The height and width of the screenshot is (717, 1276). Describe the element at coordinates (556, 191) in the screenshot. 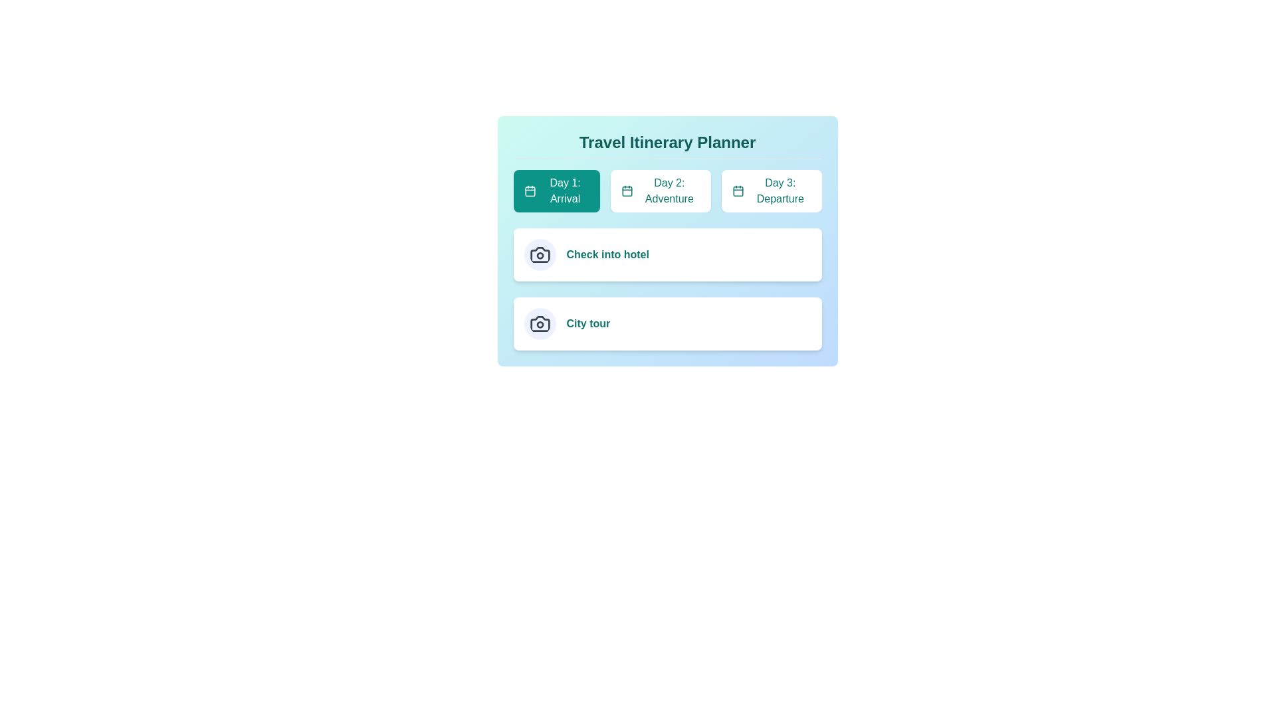

I see `the tab labeled 'Day 1: Arrival' to edit its title` at that location.